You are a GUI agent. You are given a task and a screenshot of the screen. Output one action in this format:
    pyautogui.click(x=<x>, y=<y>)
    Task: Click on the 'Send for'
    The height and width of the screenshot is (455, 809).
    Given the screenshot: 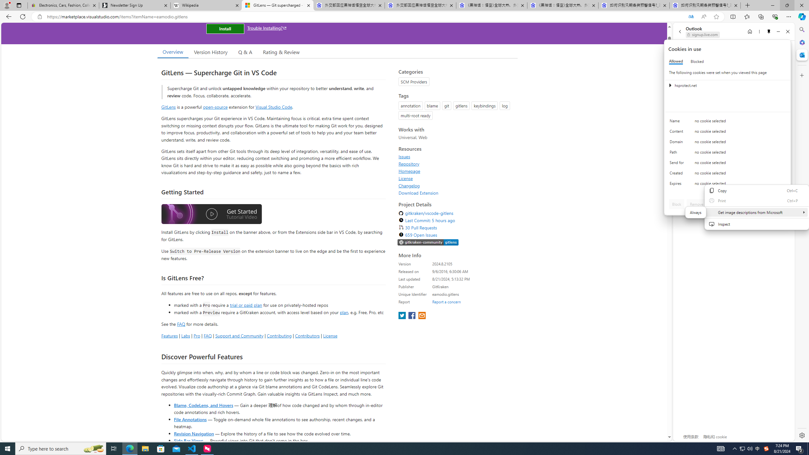 What is the action you would take?
    pyautogui.click(x=678, y=164)
    